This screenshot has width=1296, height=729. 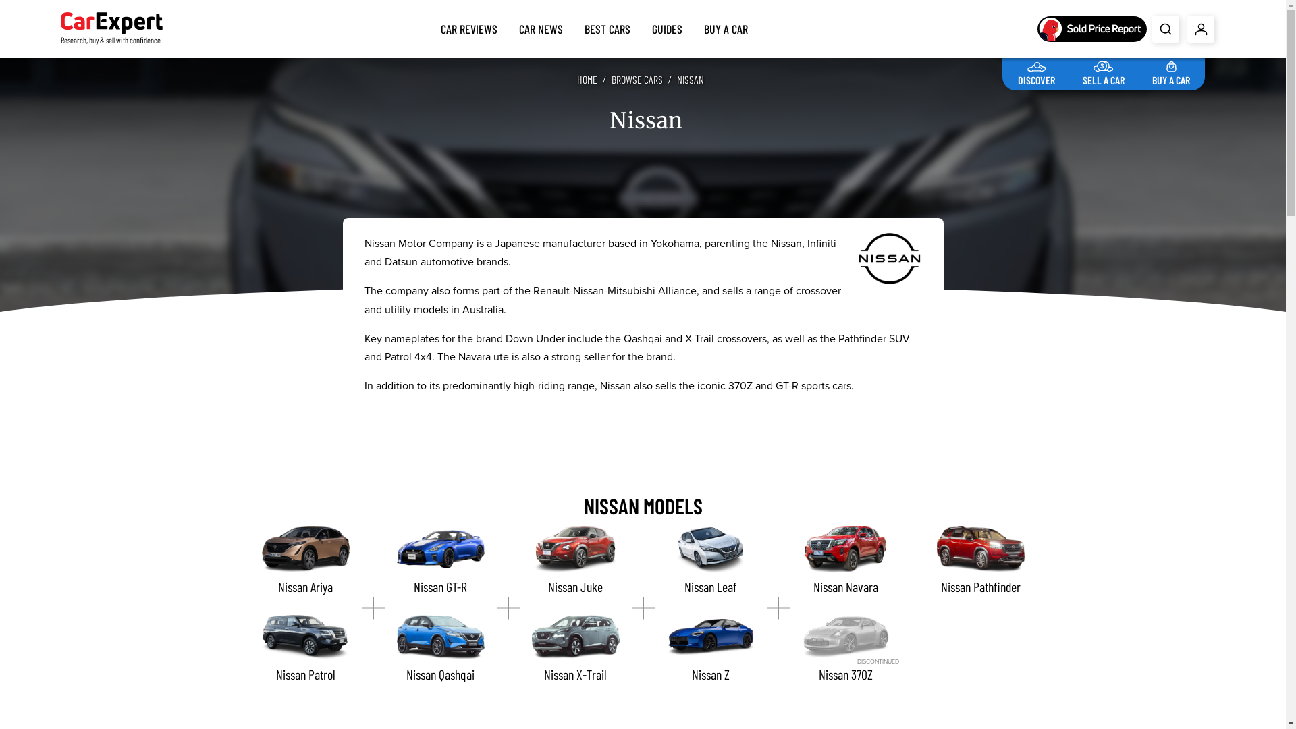 What do you see at coordinates (651, 26) in the screenshot?
I see `'GUIDES'` at bounding box center [651, 26].